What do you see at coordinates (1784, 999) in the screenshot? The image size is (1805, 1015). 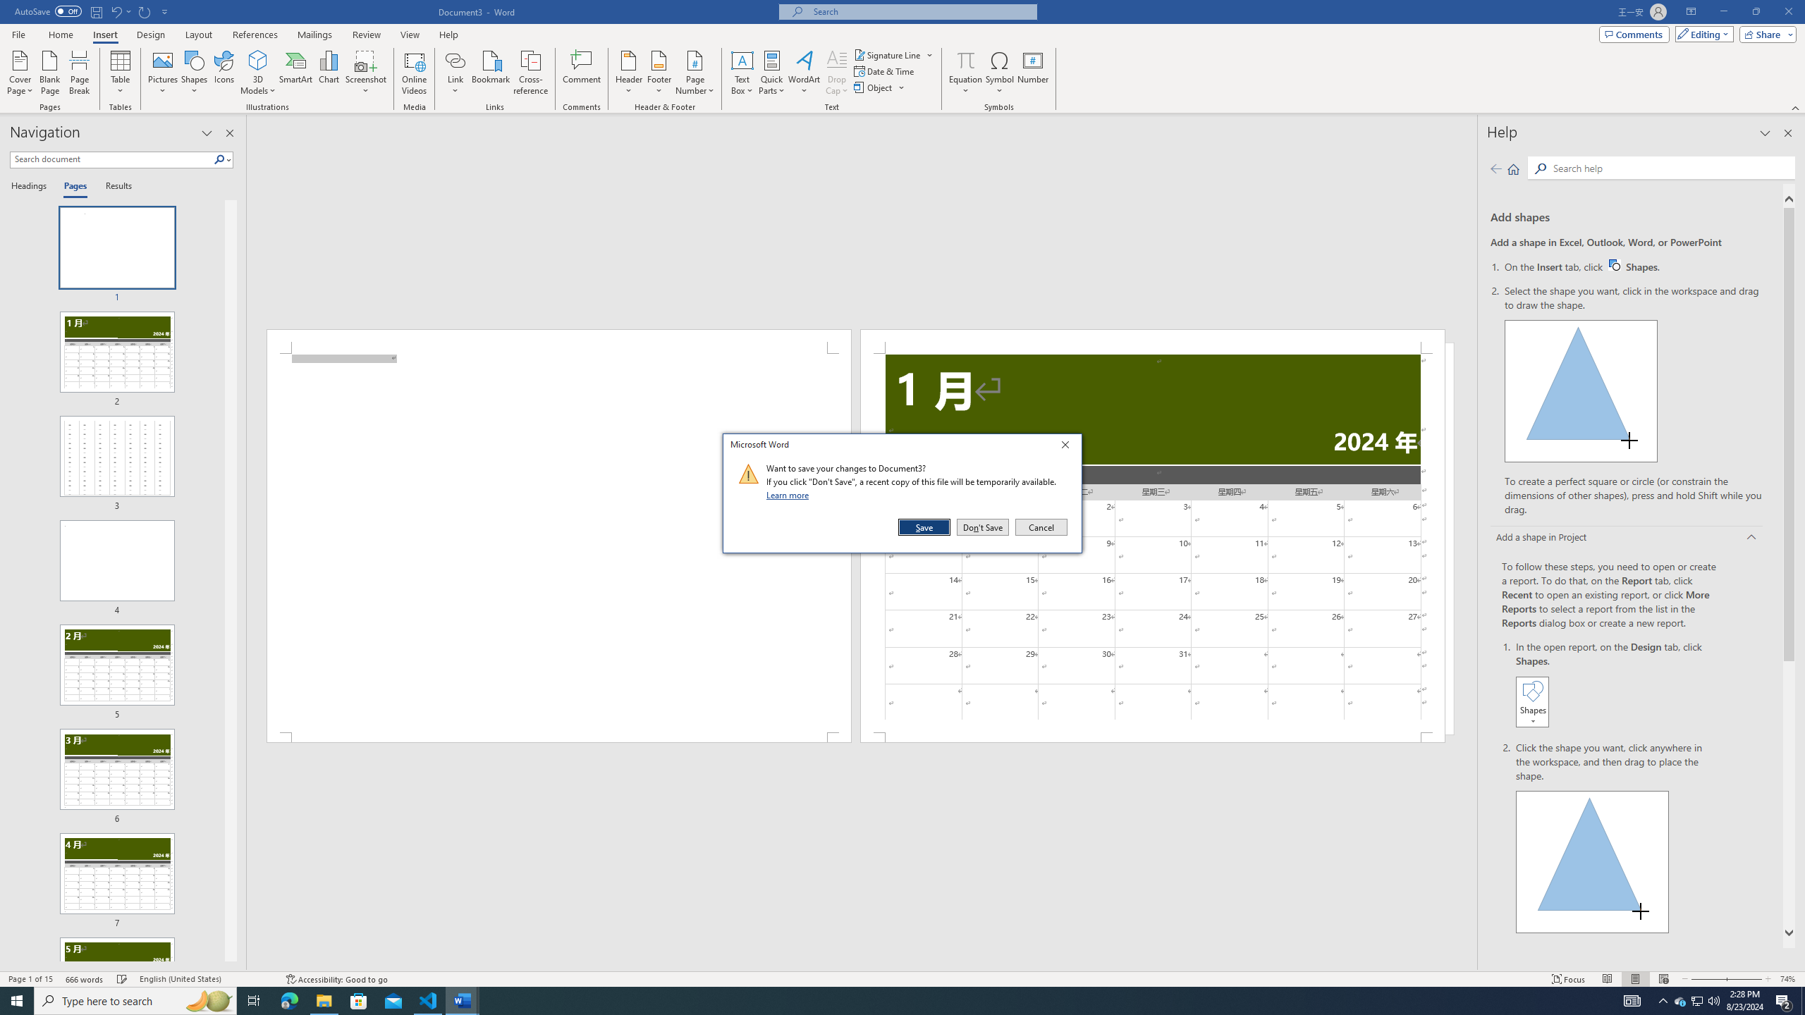 I see `'Action Center, 2 new notifications'` at bounding box center [1784, 999].